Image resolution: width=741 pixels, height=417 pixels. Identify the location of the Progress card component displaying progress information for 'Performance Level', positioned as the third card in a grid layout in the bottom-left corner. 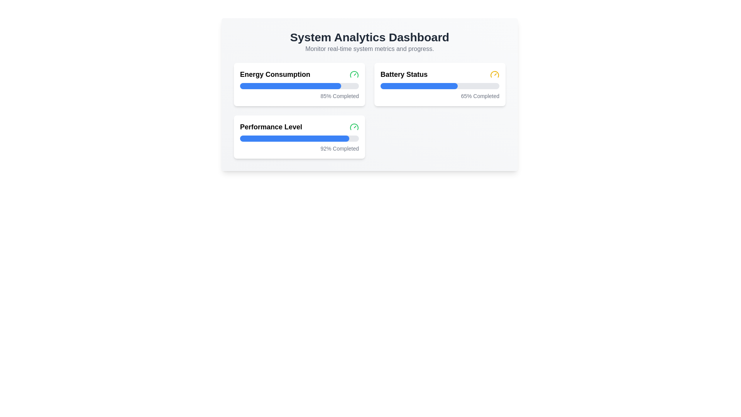
(299, 136).